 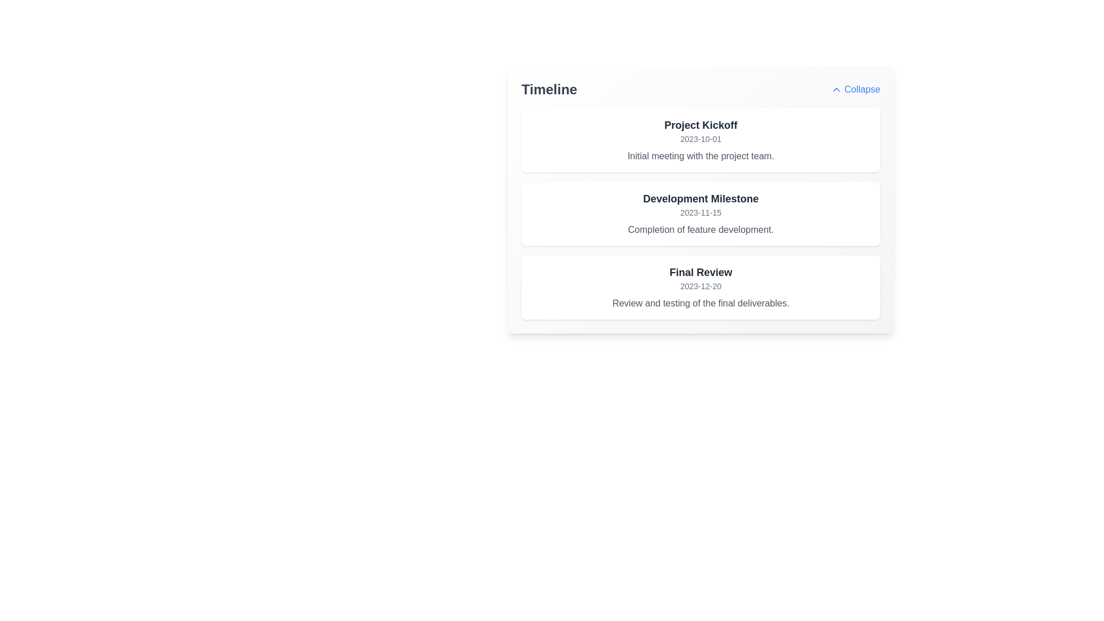 I want to click on the second milestone card in the project timeline, which displays the milestone title, date, and a brief description, positioned between the 'Project Kickoff' and 'Final Review' cards, so click(x=700, y=213).